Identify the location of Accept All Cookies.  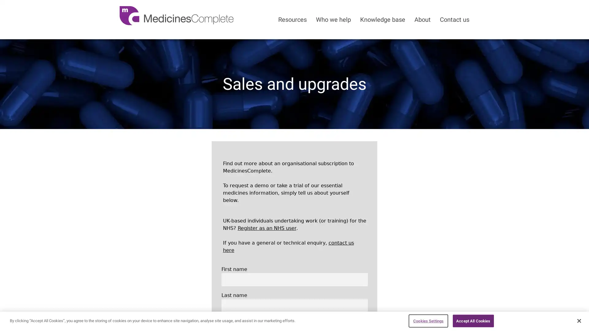
(473, 320).